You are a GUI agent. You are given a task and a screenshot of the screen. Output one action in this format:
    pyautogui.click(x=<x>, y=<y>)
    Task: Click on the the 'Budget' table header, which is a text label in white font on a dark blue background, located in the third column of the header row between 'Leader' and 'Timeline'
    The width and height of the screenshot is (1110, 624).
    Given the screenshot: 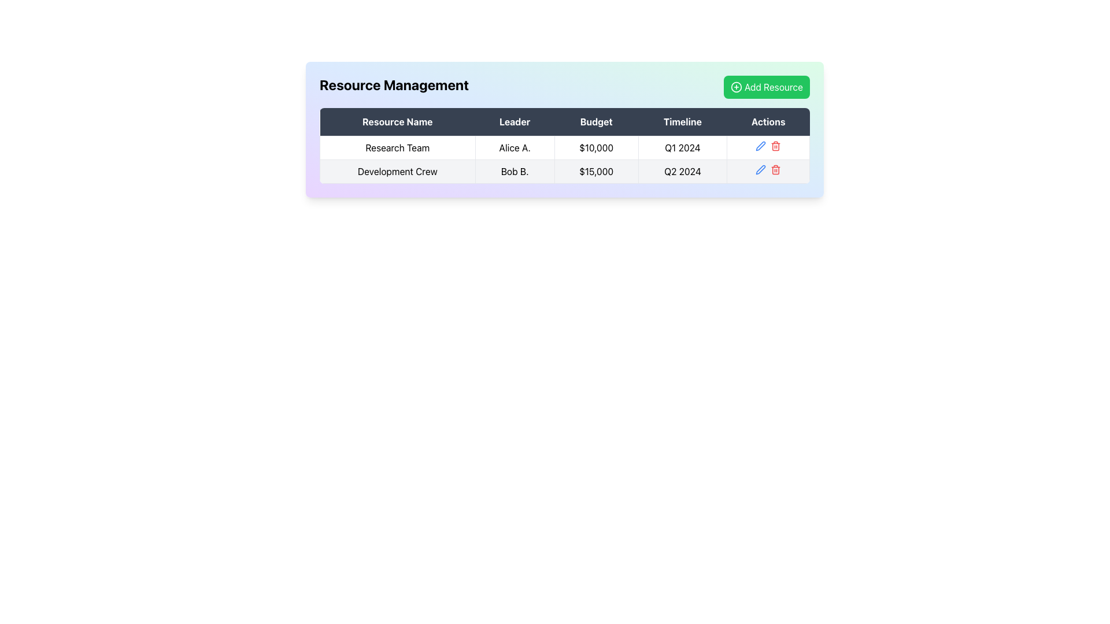 What is the action you would take?
    pyautogui.click(x=596, y=122)
    